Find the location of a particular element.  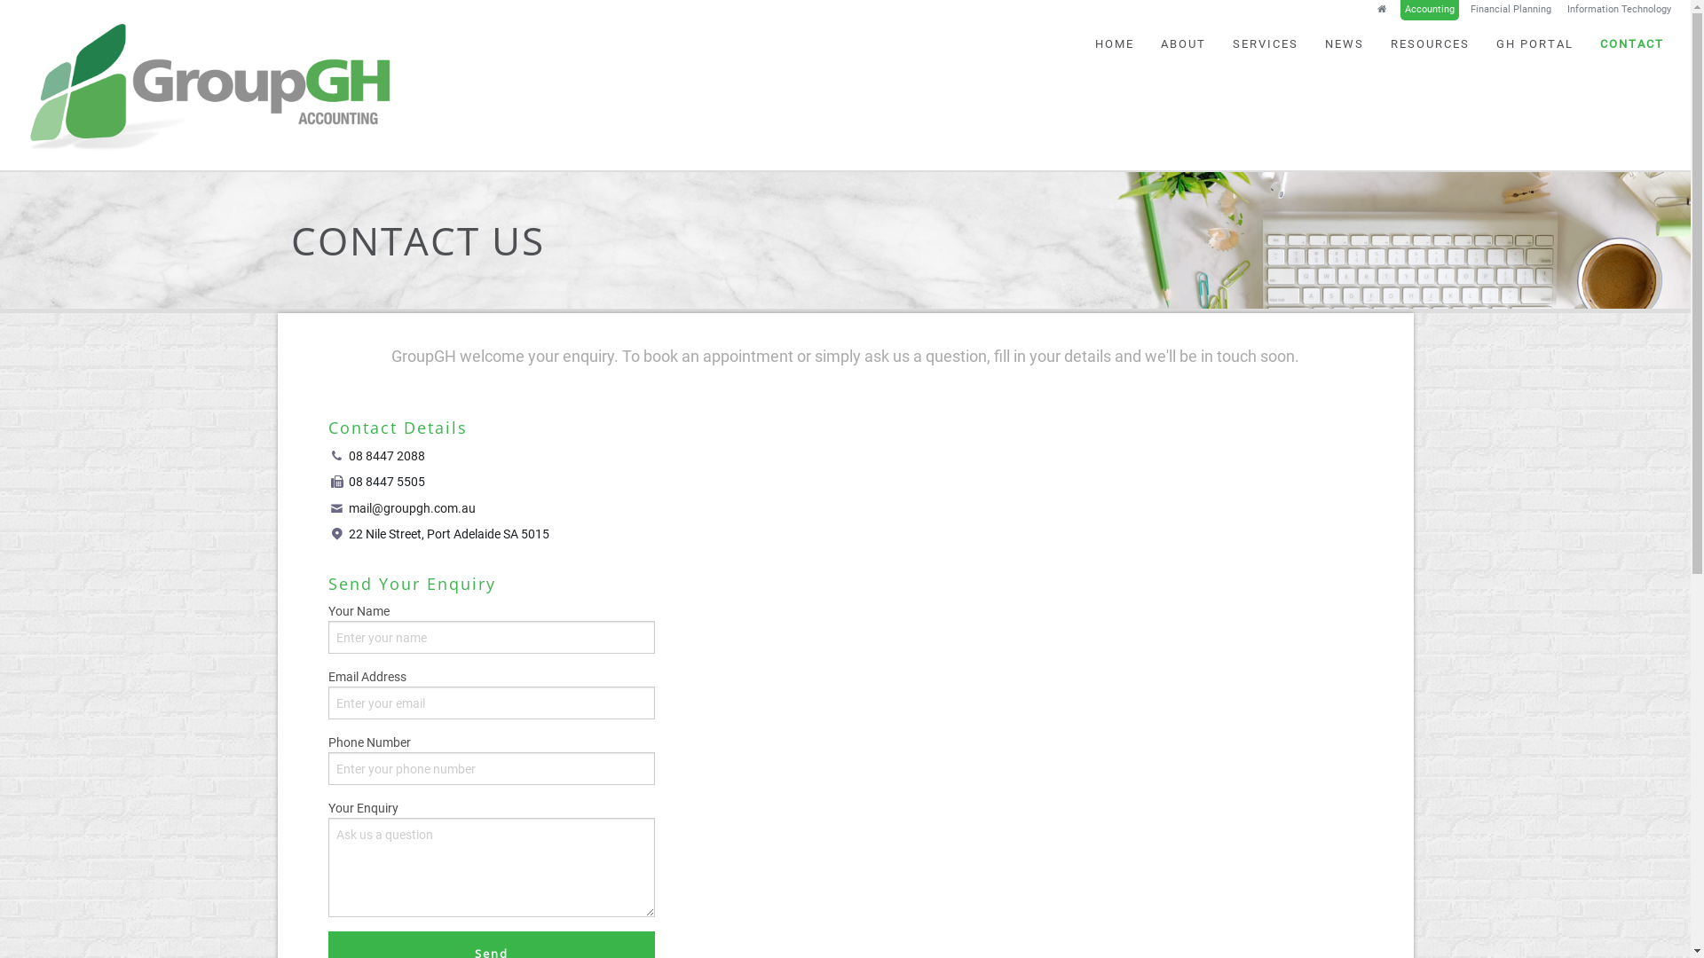

'Information Technology' is located at coordinates (1619, 10).